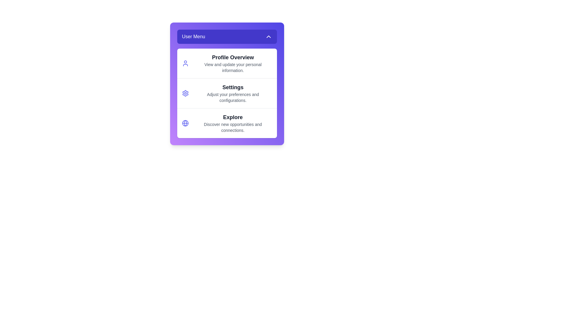 This screenshot has height=320, width=570. I want to click on the 'Settings' menu item, which is the second option in the 'User Menu', featuring bold text and a gear icon to the left, so click(232, 93).